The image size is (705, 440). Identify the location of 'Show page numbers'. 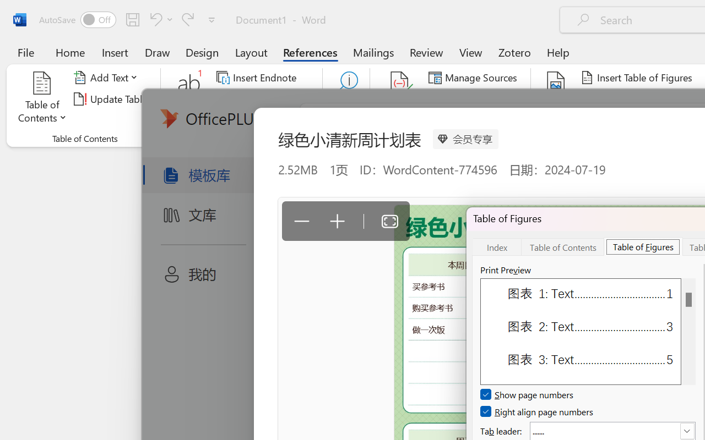
(527, 394).